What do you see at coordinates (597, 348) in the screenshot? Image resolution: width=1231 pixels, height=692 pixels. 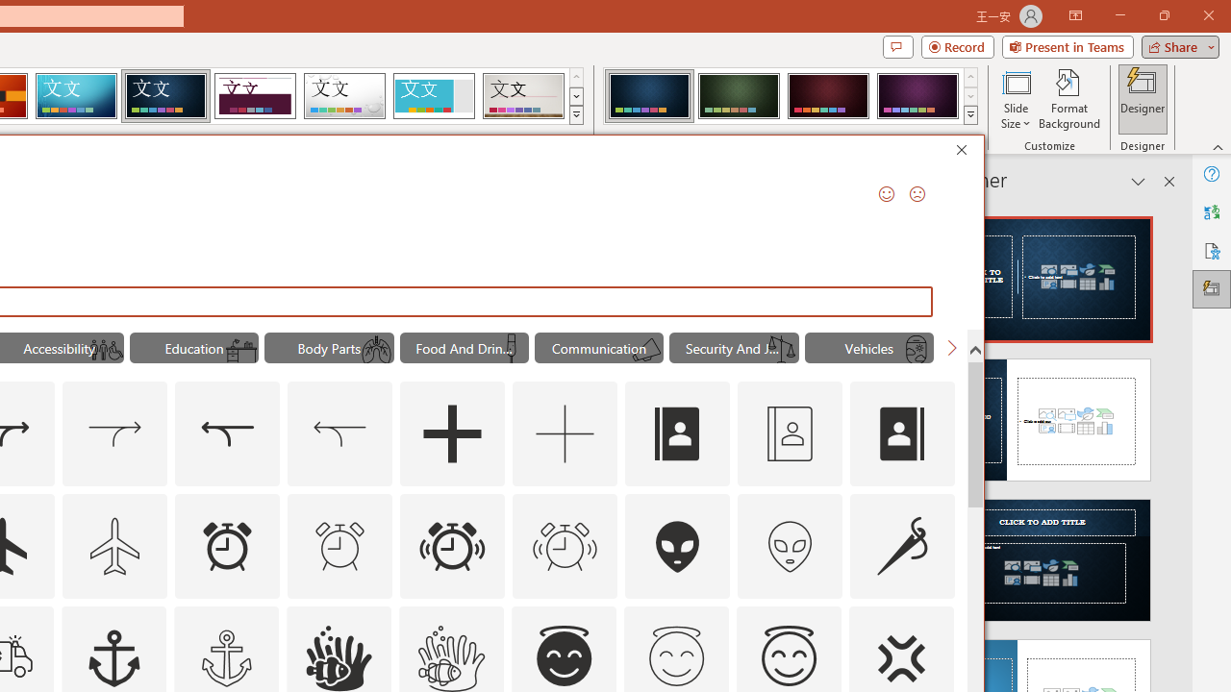 I see `'"Communication" Icons.'` at bounding box center [597, 348].